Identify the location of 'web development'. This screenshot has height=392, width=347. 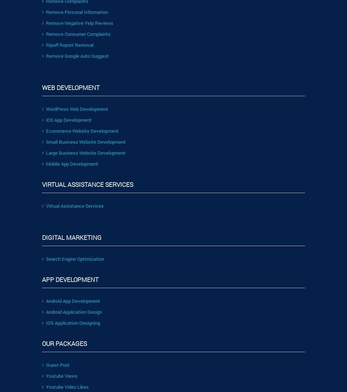
(70, 87).